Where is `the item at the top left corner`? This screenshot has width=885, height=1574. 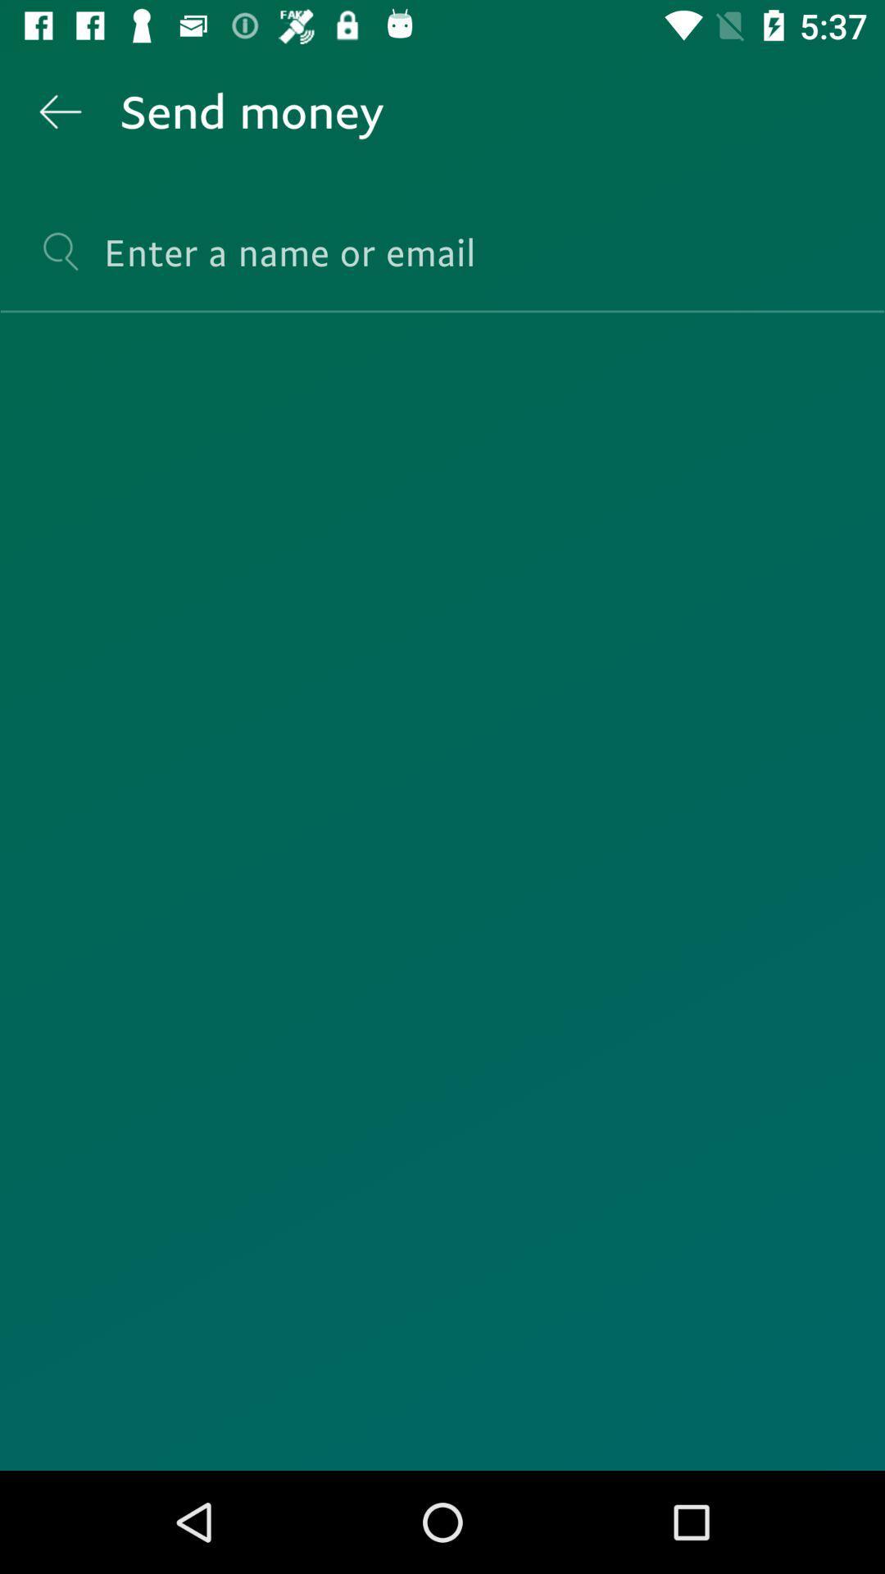
the item at the top left corner is located at coordinates (59, 111).